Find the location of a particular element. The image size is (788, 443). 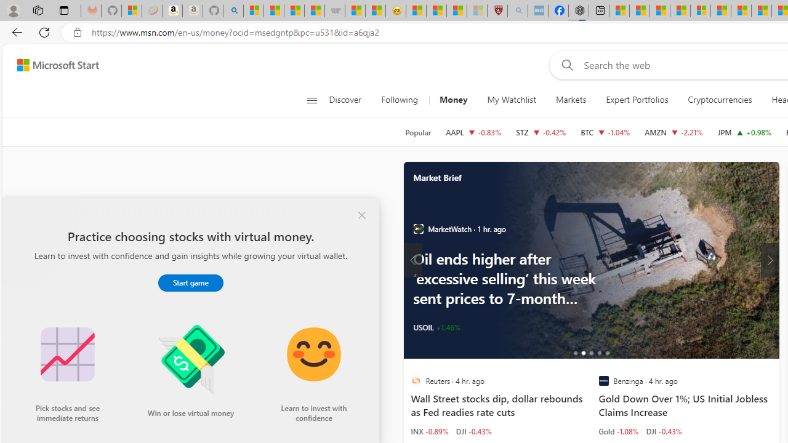

'Markets' is located at coordinates (571, 100).